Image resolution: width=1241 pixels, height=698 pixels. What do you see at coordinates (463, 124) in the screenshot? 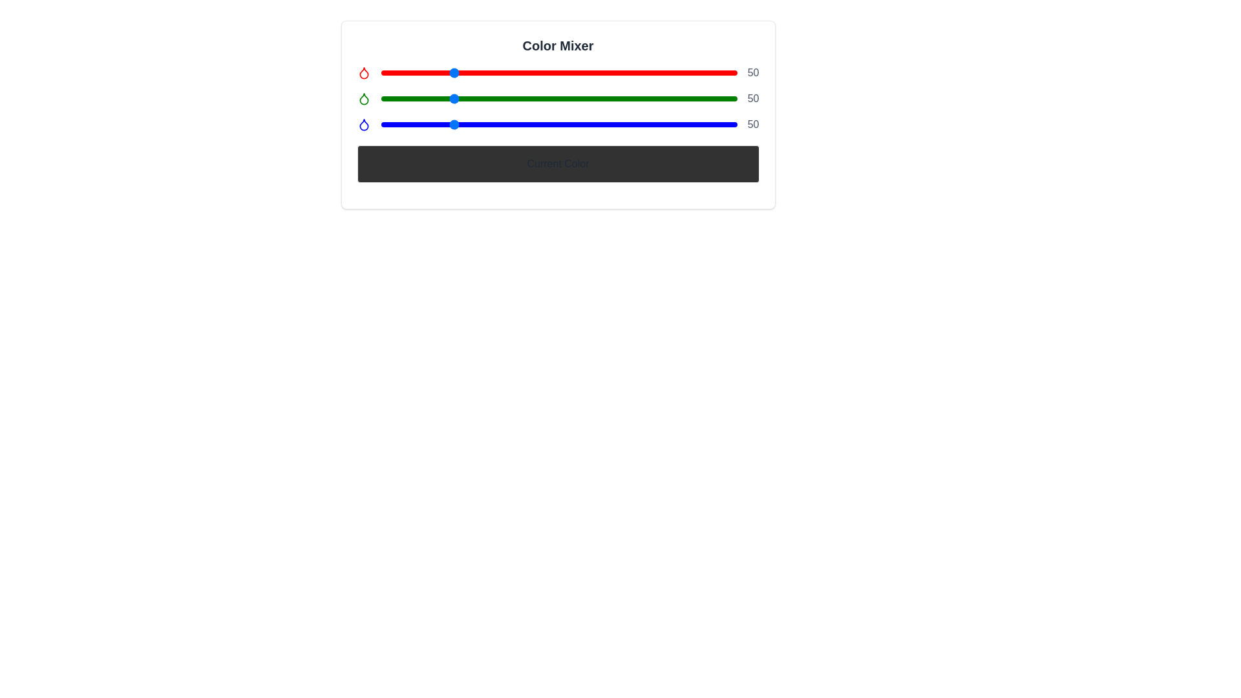
I see `the blue slider to set its value to 59` at bounding box center [463, 124].